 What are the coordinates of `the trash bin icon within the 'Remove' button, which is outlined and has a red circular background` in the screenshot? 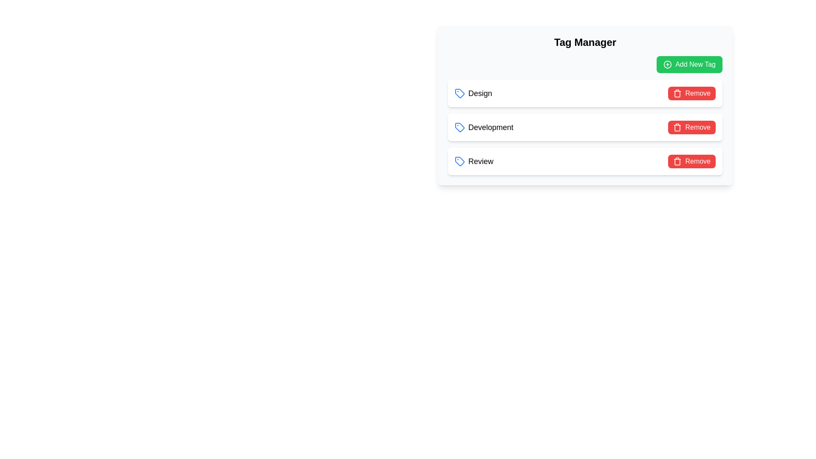 It's located at (677, 127).